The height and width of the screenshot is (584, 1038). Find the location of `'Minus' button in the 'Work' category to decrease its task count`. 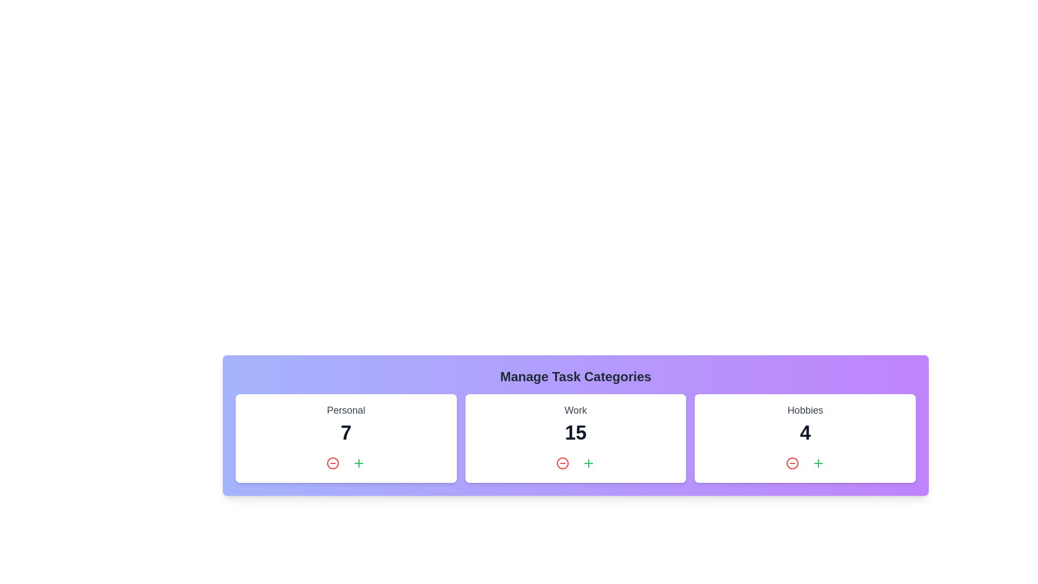

'Minus' button in the 'Work' category to decrease its task count is located at coordinates (562, 462).